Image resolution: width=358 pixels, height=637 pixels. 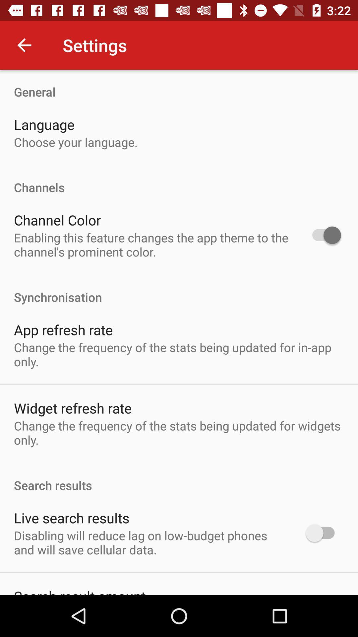 What do you see at coordinates (151, 244) in the screenshot?
I see `enabling this feature item` at bounding box center [151, 244].